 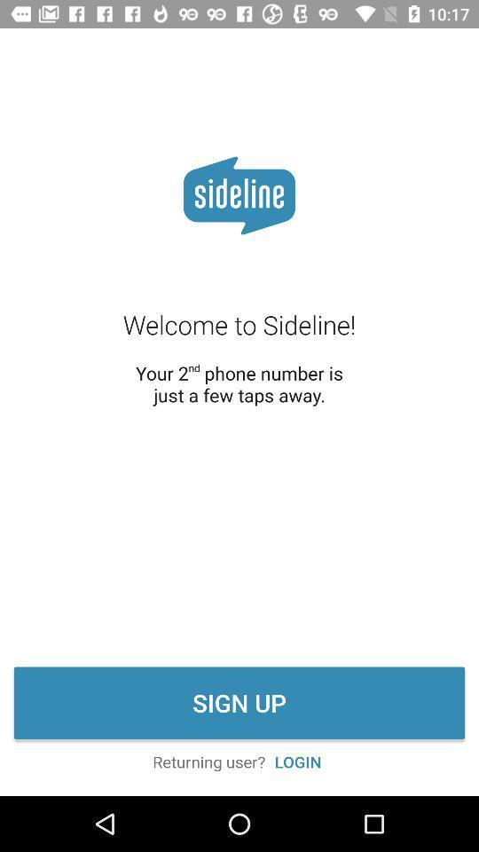 I want to click on icon below the your 2nd phone icon, so click(x=239, y=703).